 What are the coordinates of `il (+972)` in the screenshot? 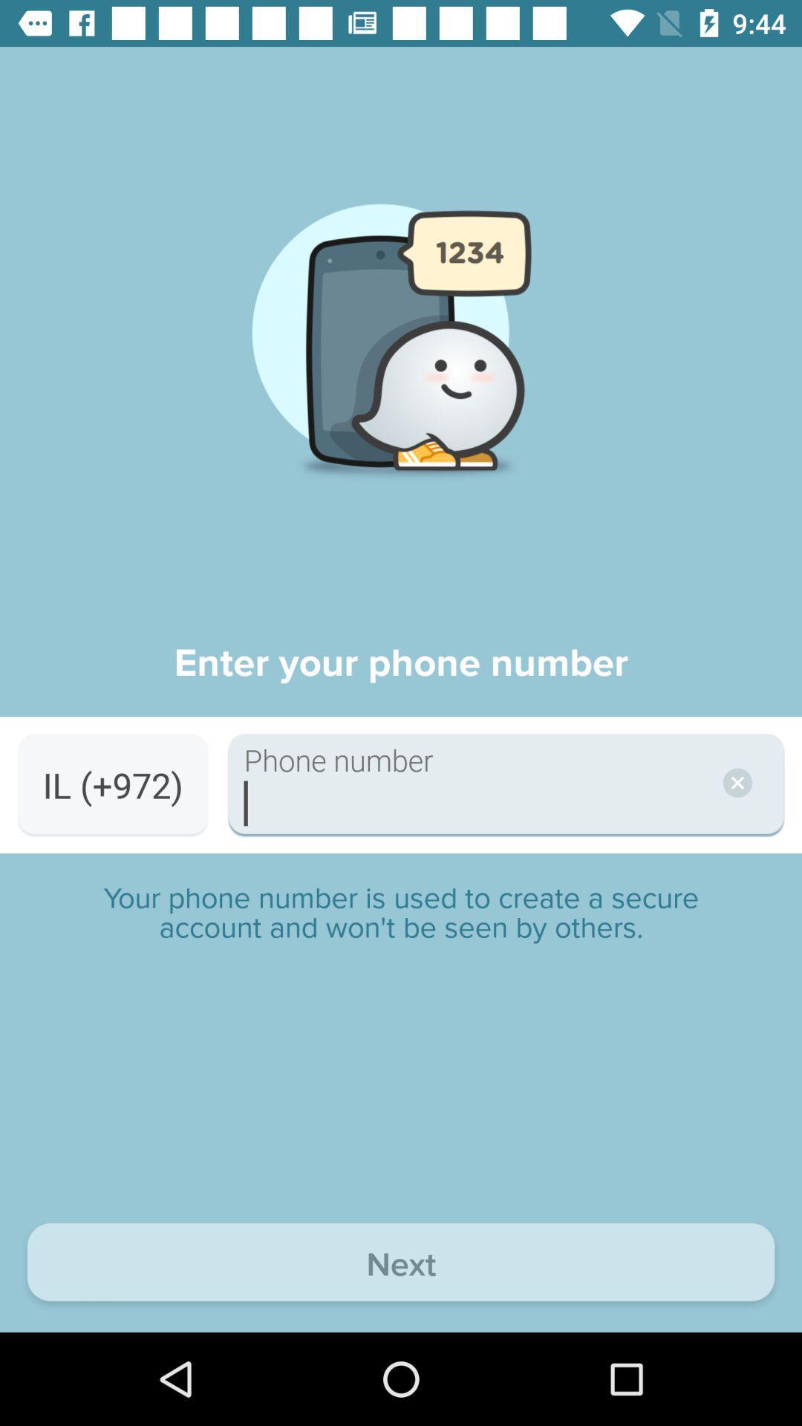 It's located at (112, 784).